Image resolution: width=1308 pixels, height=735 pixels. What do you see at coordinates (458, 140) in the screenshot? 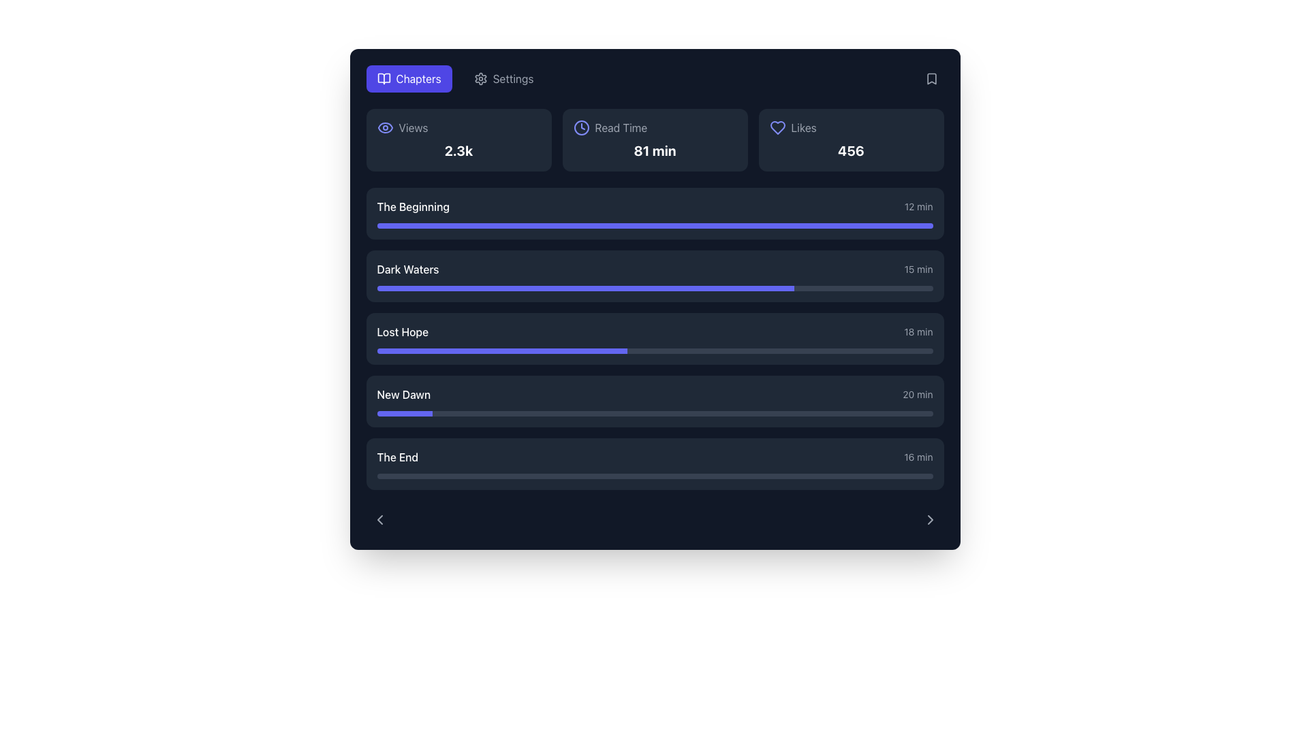
I see `the first Statistical display section which has a dark gray background and displays 'Views' with an eye icon and the statistic '2.3k' in bold white font` at bounding box center [458, 140].